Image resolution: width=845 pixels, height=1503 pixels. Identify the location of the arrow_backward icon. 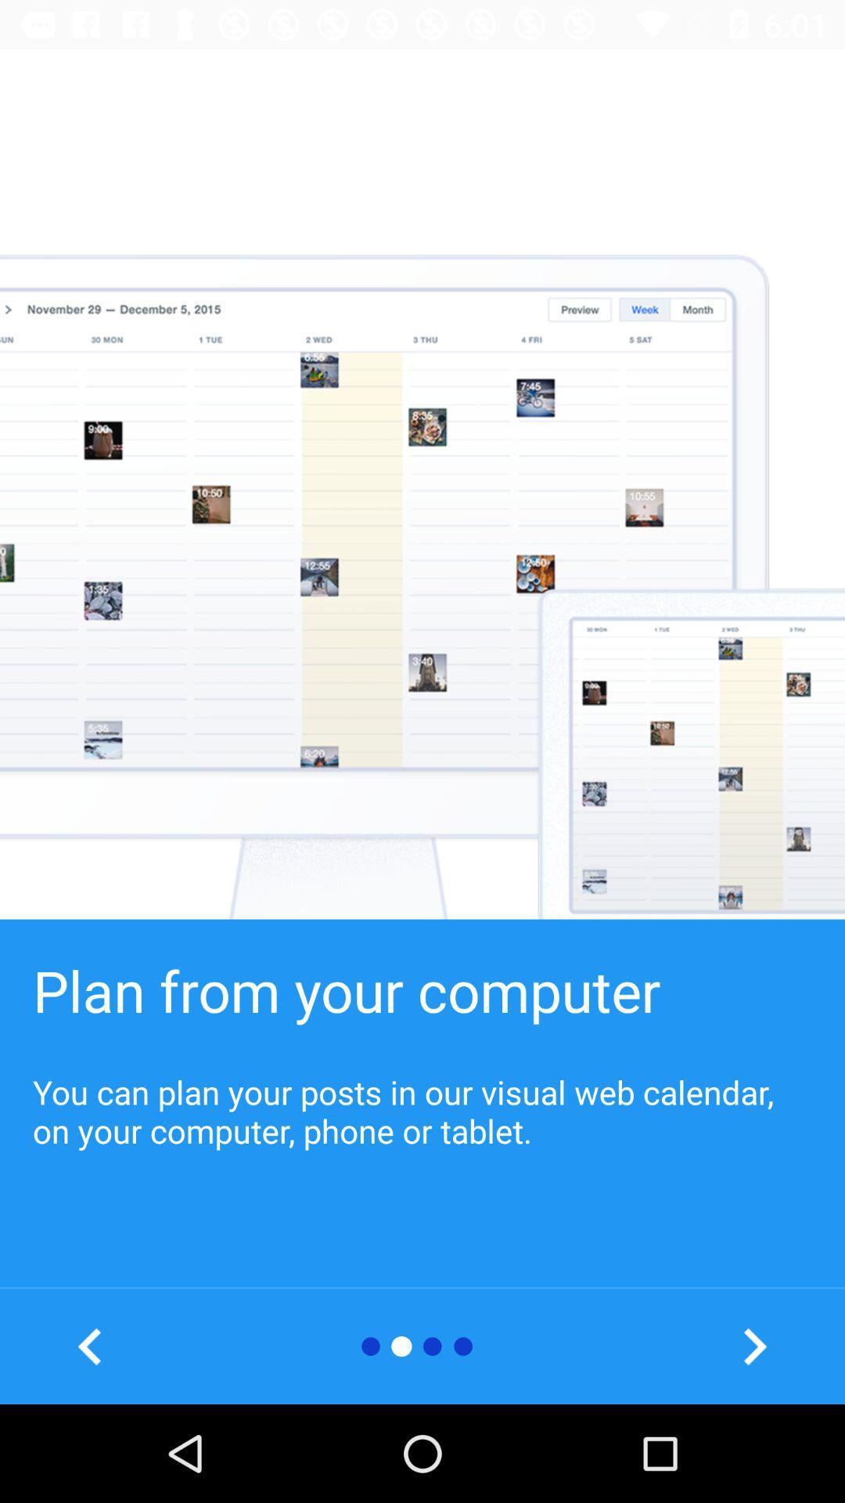
(90, 1346).